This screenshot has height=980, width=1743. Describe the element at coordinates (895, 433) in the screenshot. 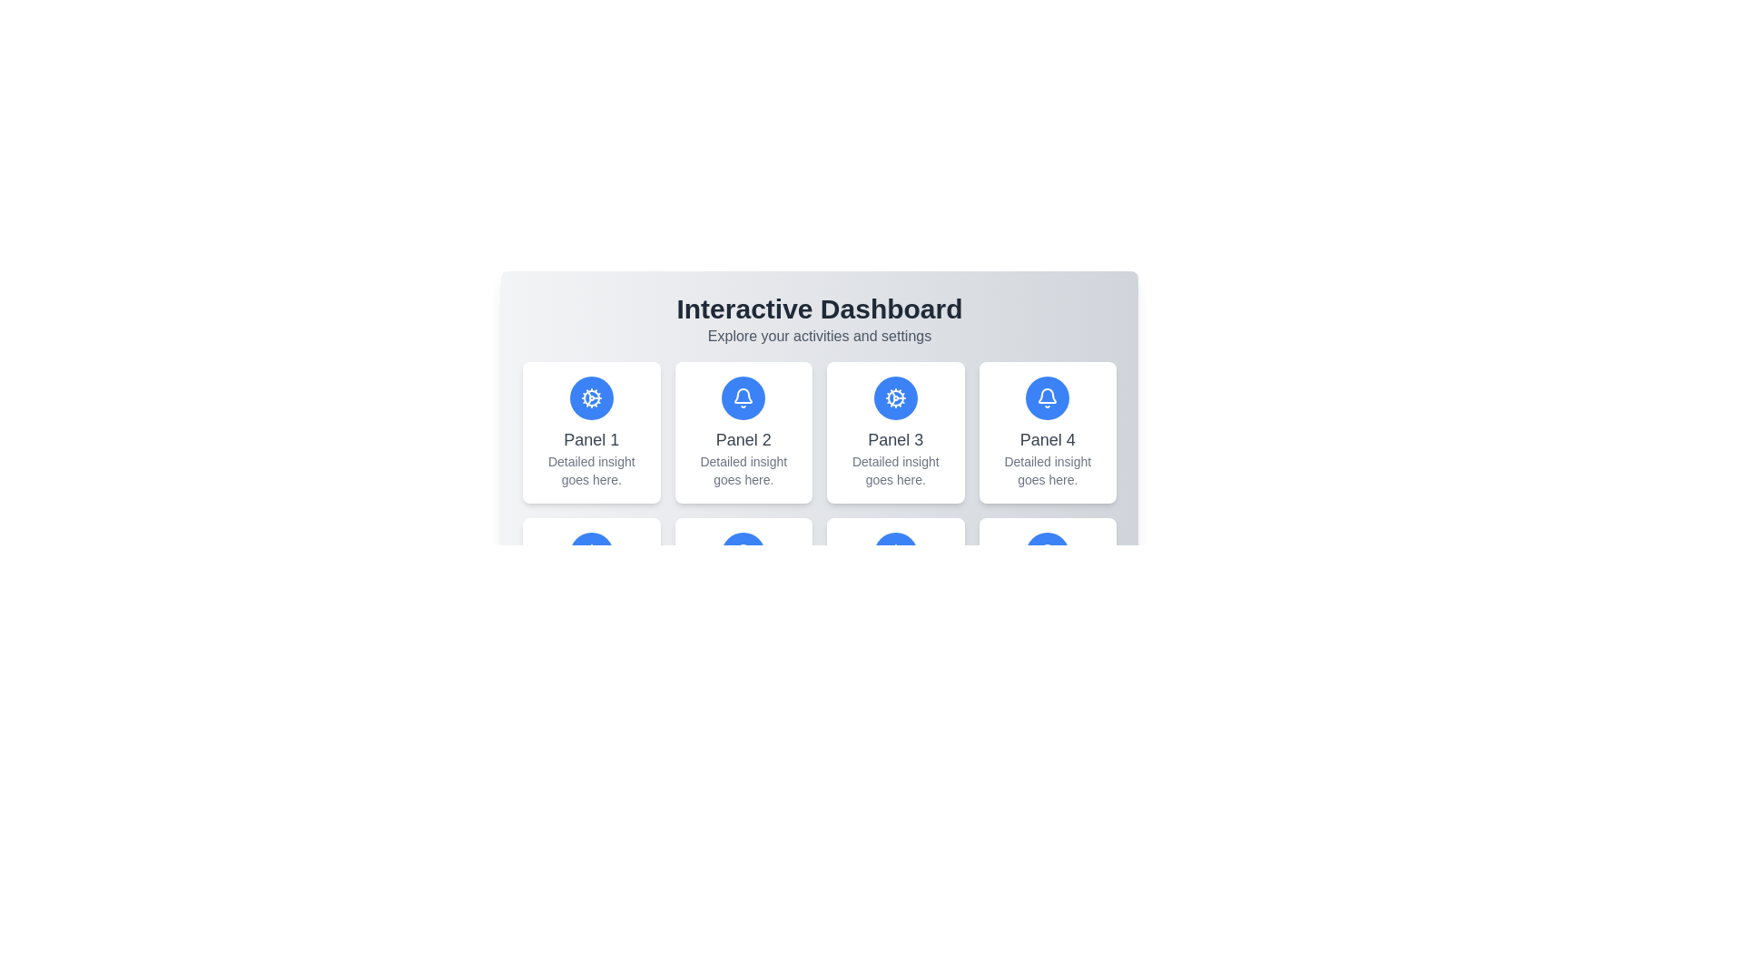

I see `the informational card panel labeled 'Panel 3' which has a white background, a blue cogwheel icon at the top, and contains the description 'Detailed insight goes here.'` at that location.